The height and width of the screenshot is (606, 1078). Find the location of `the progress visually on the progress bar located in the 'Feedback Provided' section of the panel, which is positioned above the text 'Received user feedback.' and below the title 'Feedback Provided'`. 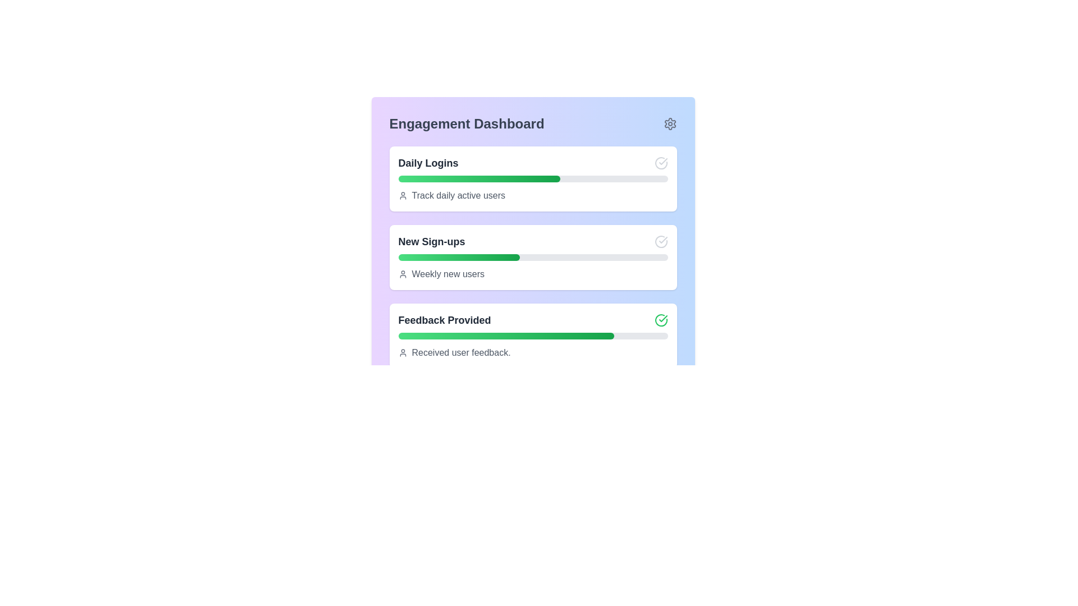

the progress visually on the progress bar located in the 'Feedback Provided' section of the panel, which is positioned above the text 'Received user feedback.' and below the title 'Feedback Provided' is located at coordinates (532, 335).